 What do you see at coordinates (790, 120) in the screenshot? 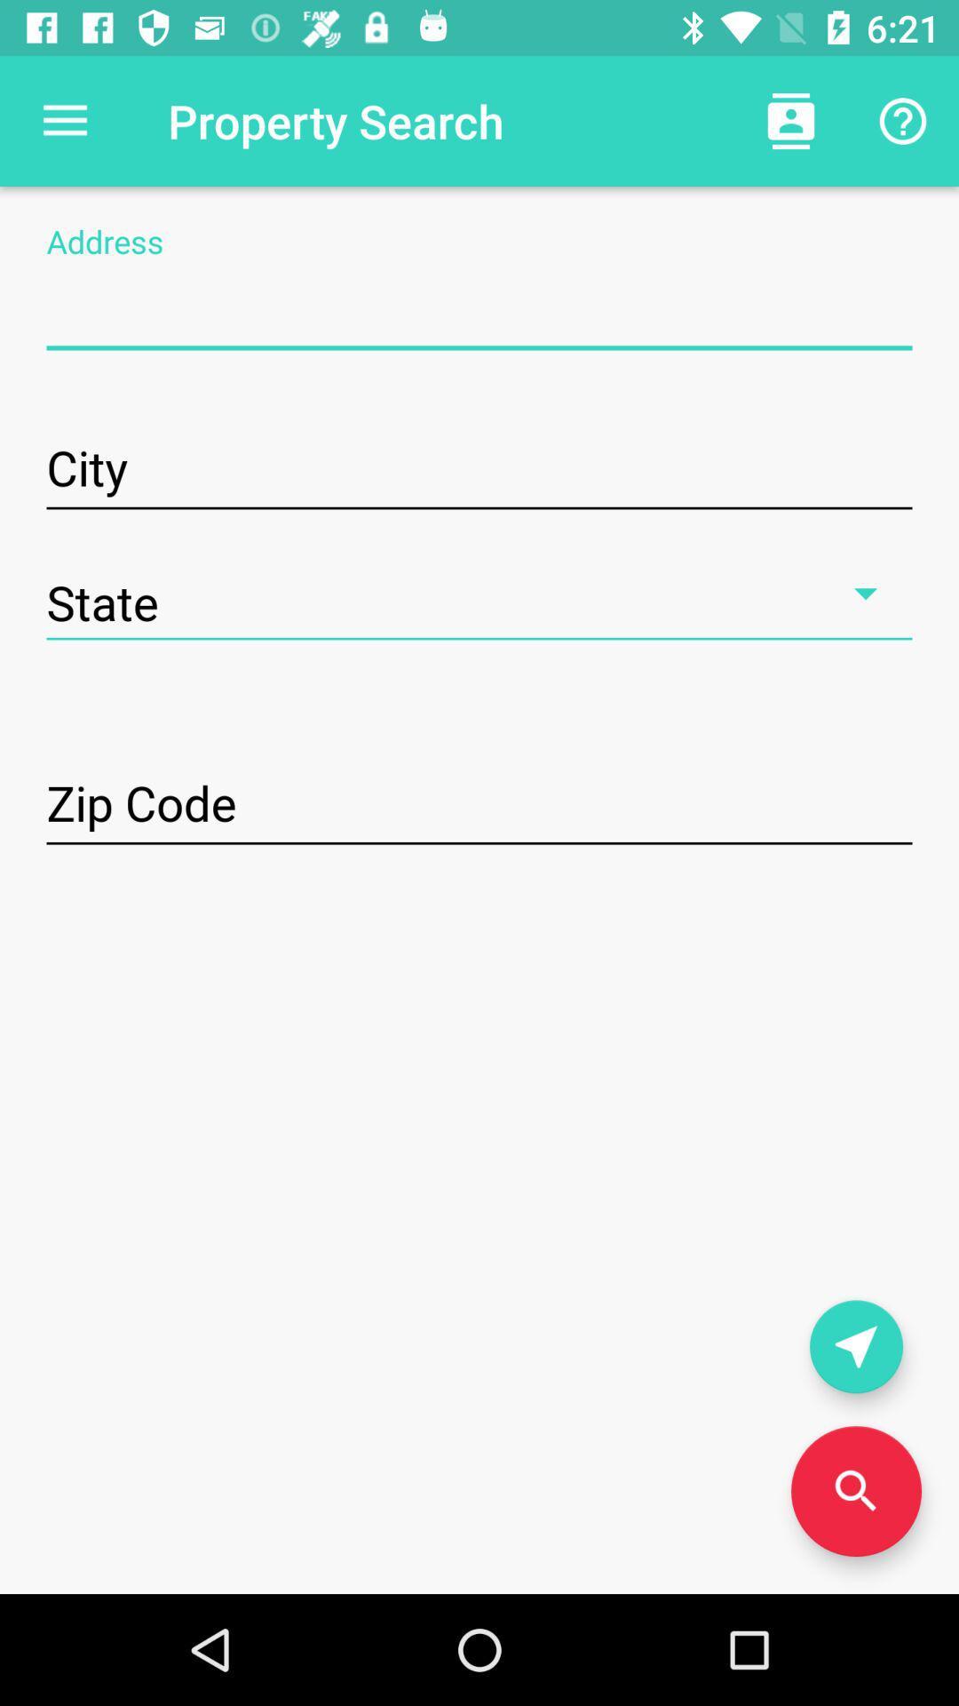
I see `icon next to property search item` at bounding box center [790, 120].